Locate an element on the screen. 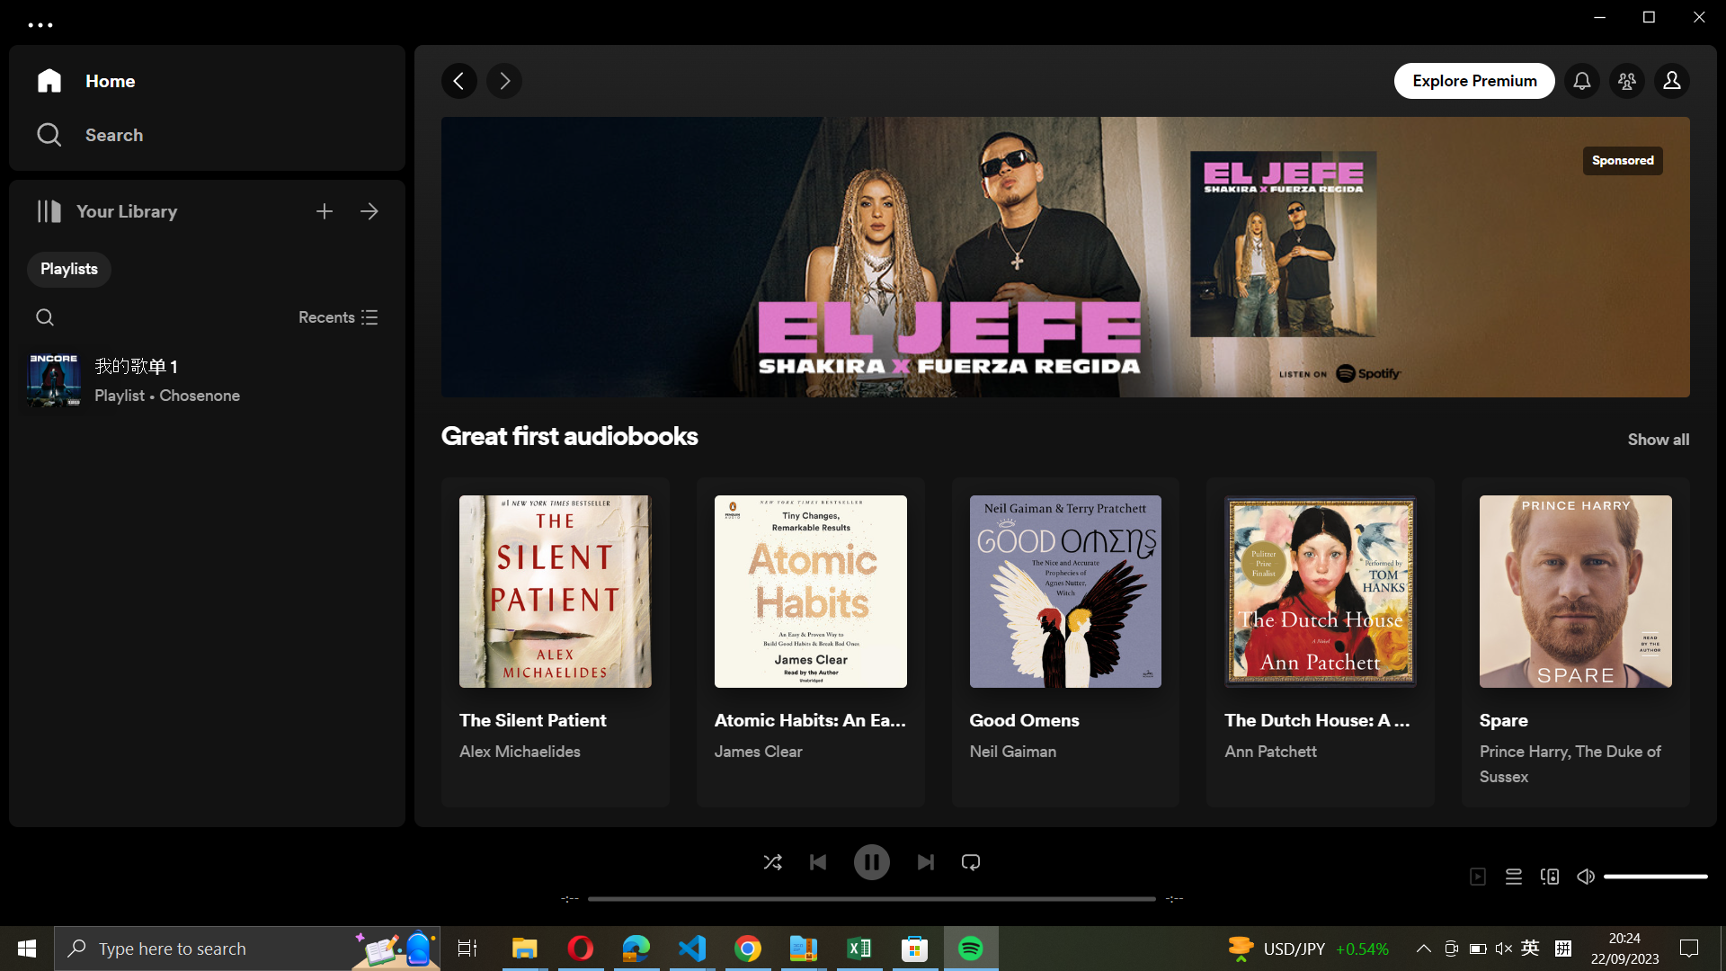 The image size is (1726, 971). my profile section is located at coordinates (1673, 82).